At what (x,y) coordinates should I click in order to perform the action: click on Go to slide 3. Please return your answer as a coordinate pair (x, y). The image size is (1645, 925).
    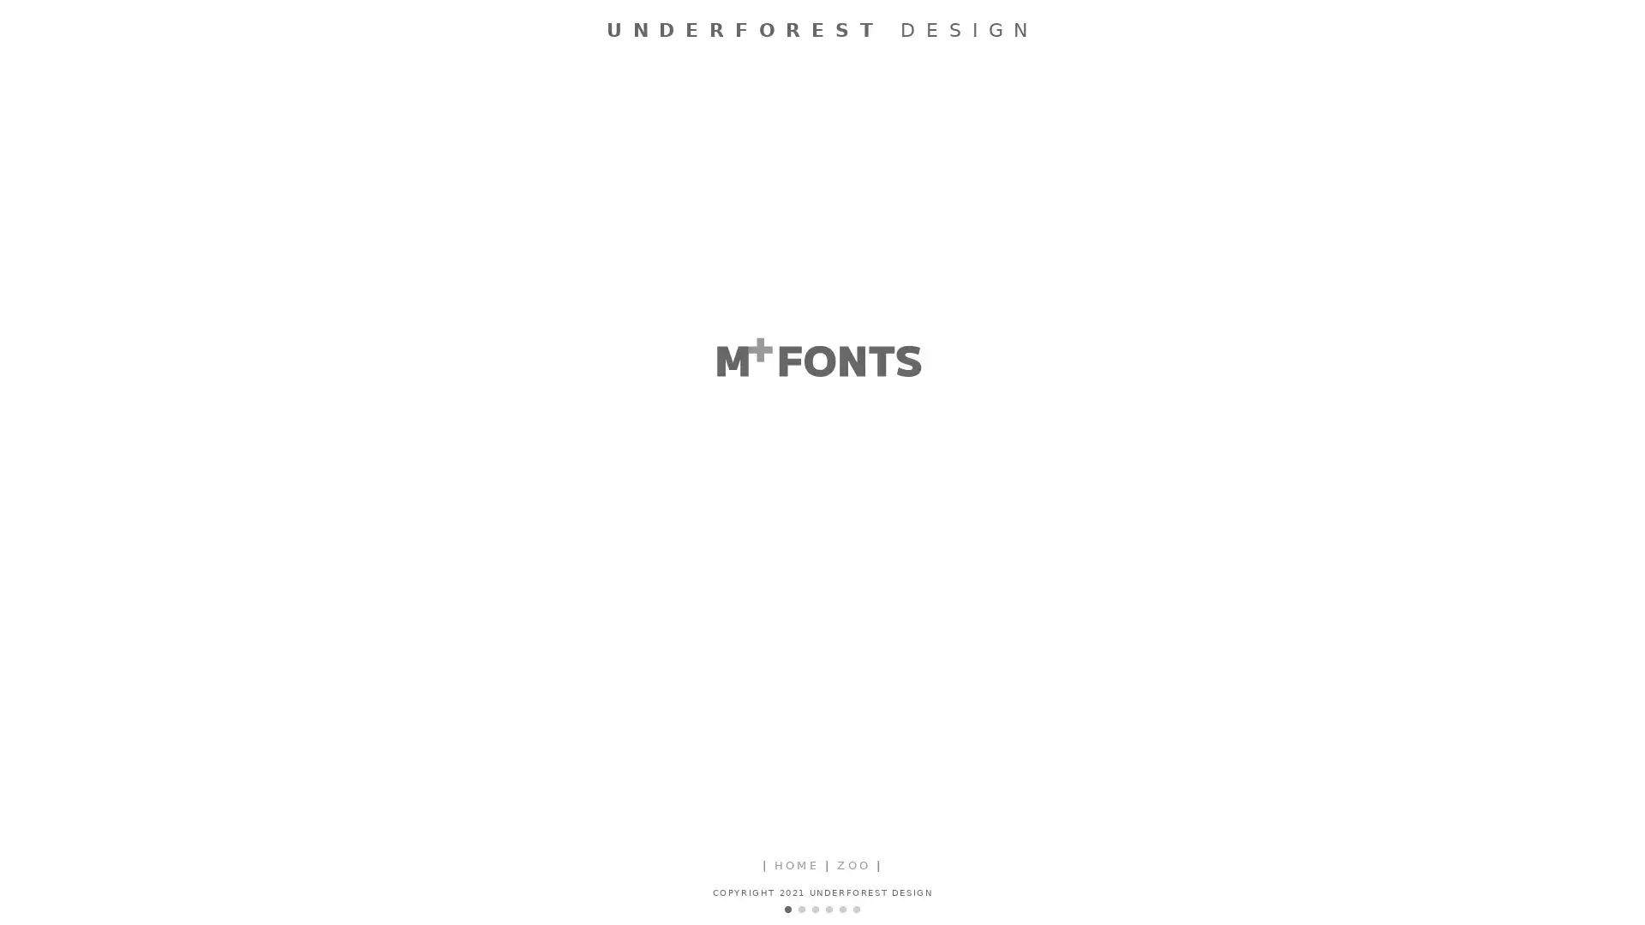
    Looking at the image, I should click on (814, 908).